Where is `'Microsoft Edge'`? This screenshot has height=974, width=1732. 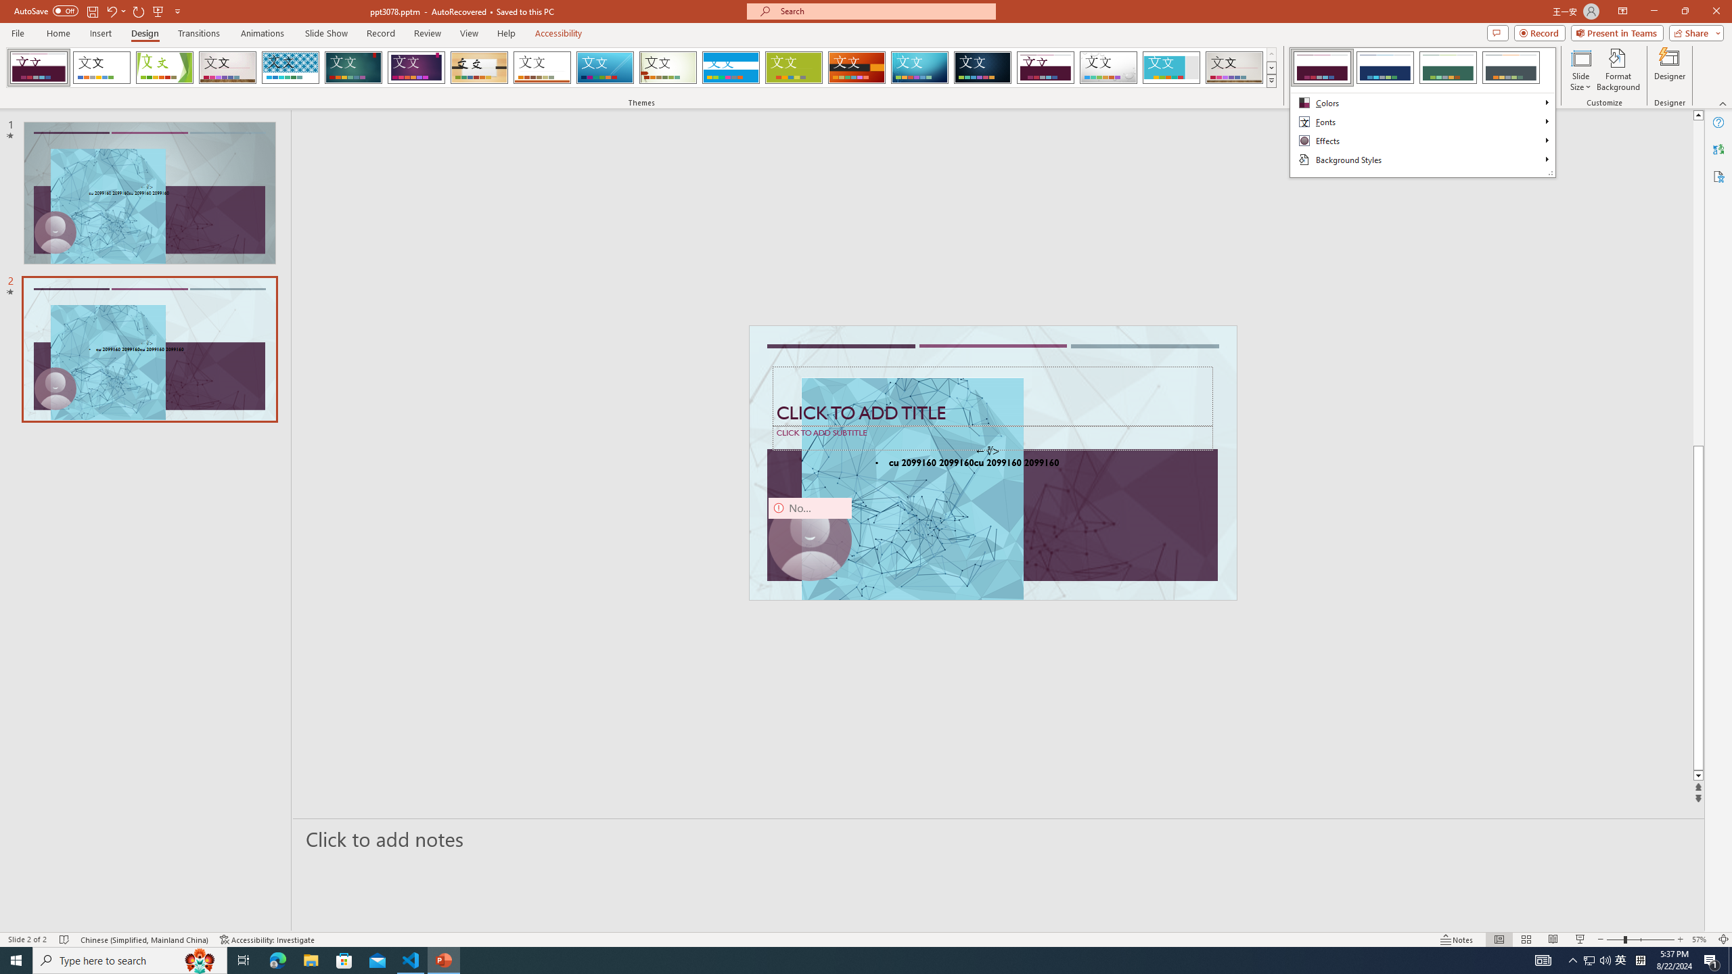
'Microsoft Edge' is located at coordinates (277, 959).